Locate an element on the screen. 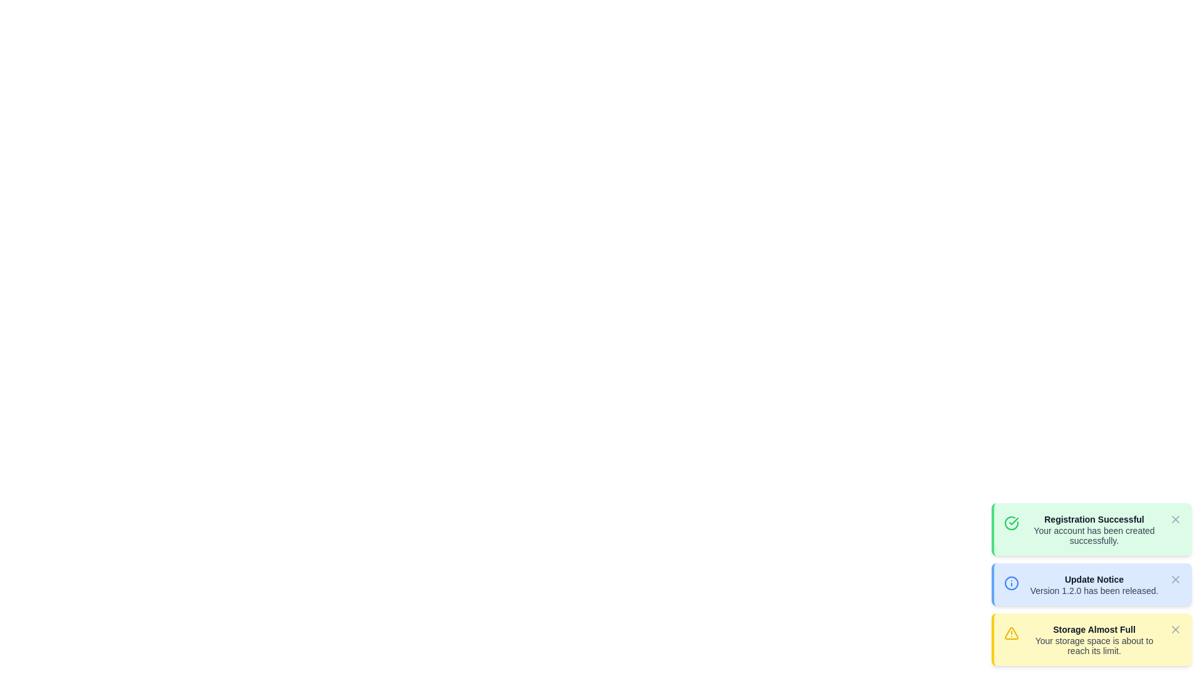  the gray 'X' icon button located in the top-right corner of the green notification box labeled 'Registration Successful' to change its color to a darker gray is located at coordinates (1174, 519).